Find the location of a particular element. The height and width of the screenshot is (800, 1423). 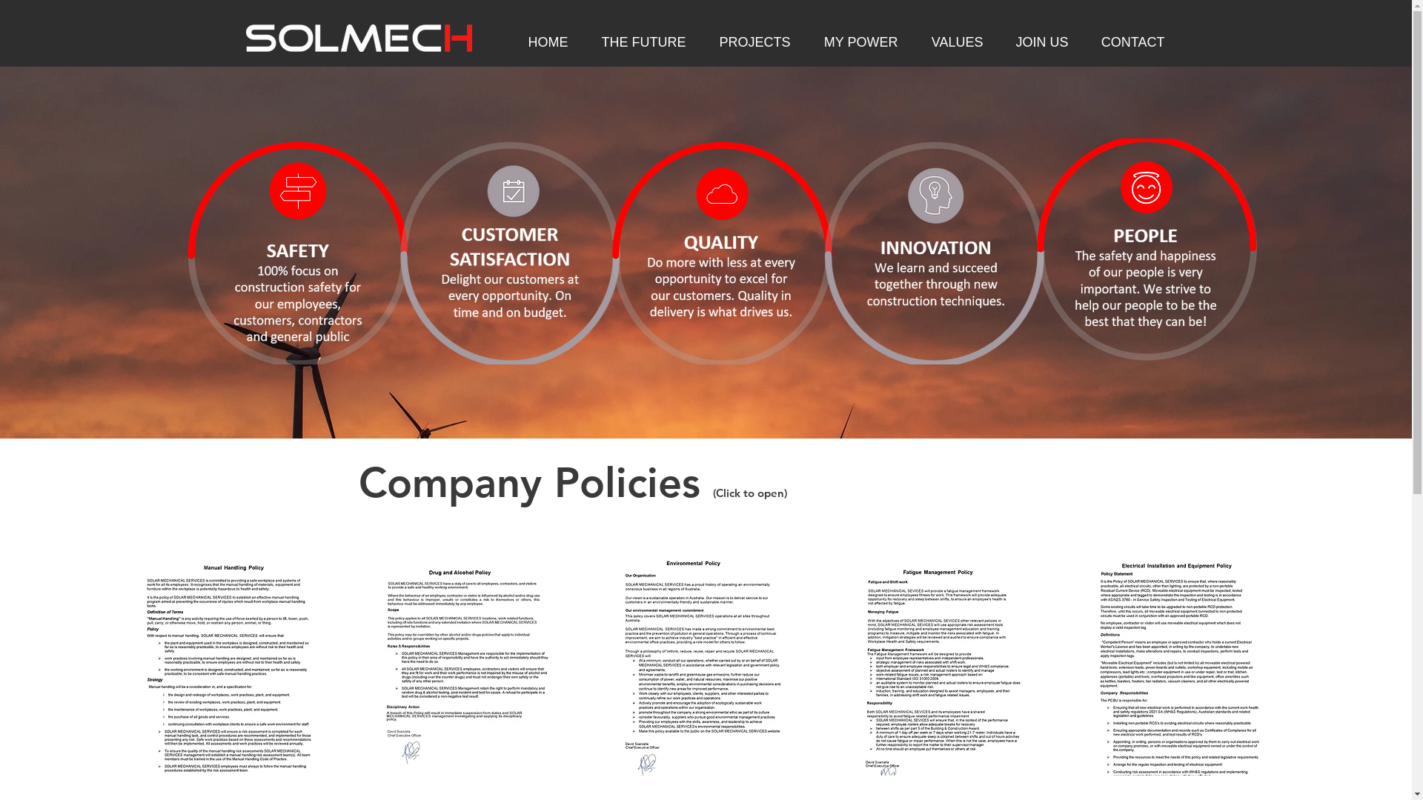

'VALUES' is located at coordinates (951, 41).